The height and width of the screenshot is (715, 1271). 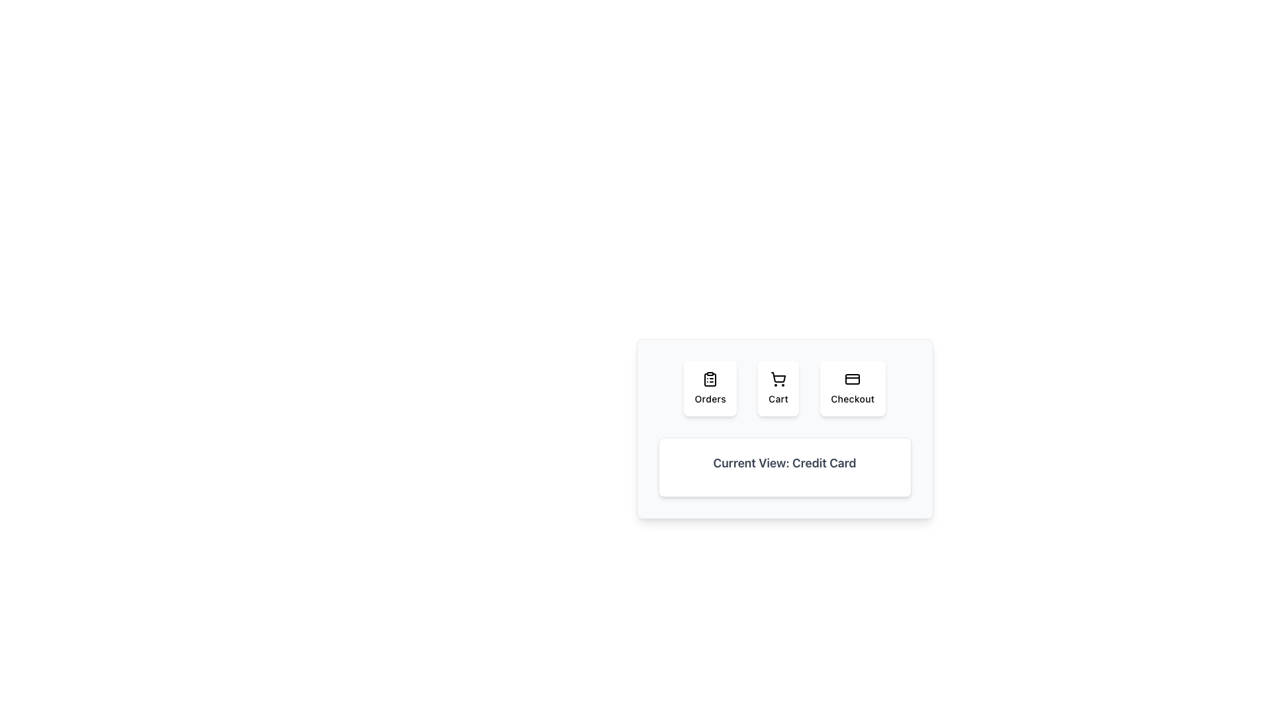 What do you see at coordinates (778, 398) in the screenshot?
I see `the Text label beneath the shopping cart icon that indicates the functionality of the associated button` at bounding box center [778, 398].